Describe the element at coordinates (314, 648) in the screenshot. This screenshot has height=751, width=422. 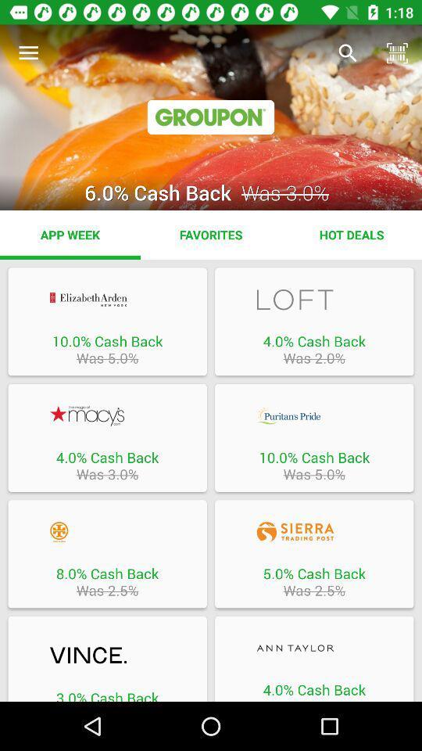
I see `leads to ann taylor website` at that location.